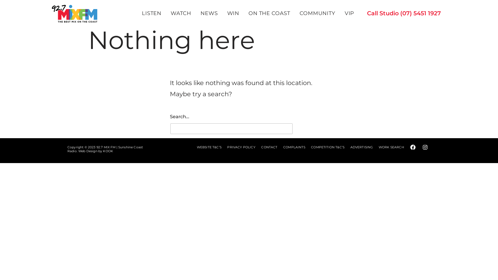  I want to click on '92.7 MIX FM | Sunshine Coast Radio', so click(67, 149).